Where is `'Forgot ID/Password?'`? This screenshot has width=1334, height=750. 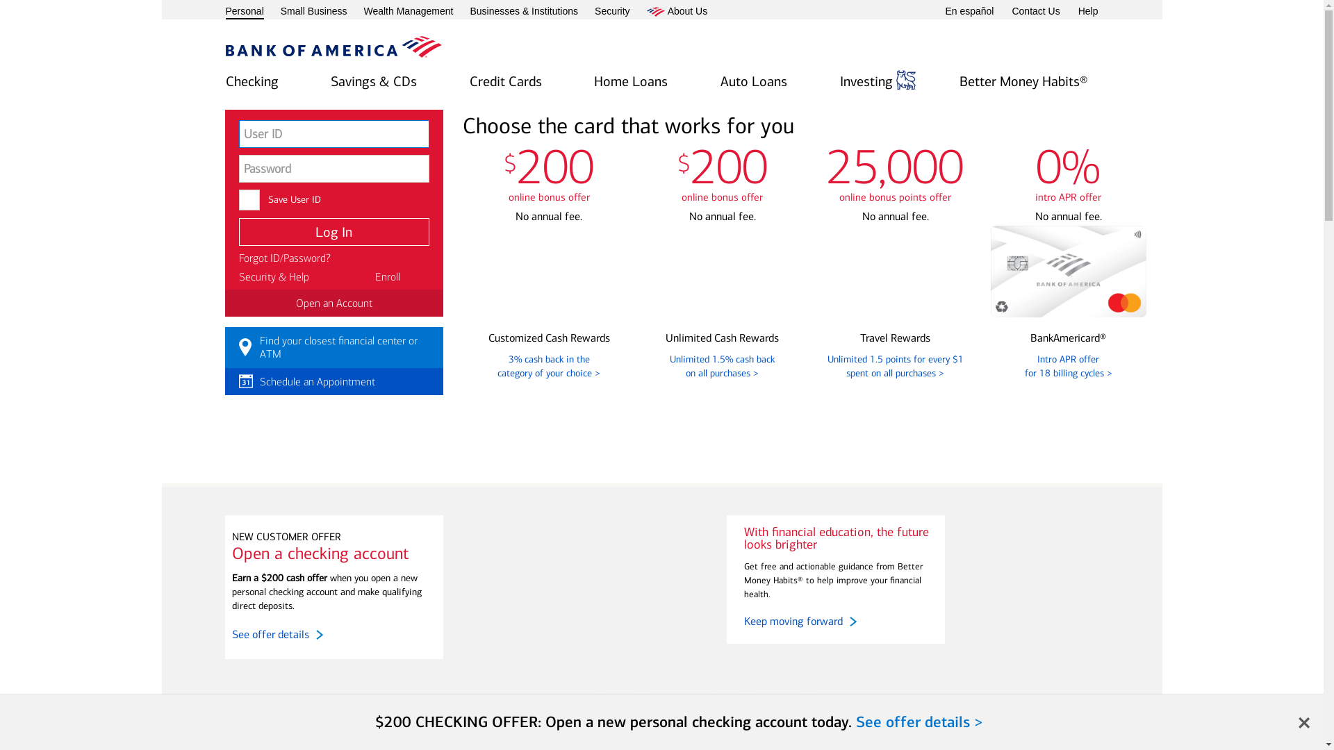 'Forgot ID/Password?' is located at coordinates (283, 258).